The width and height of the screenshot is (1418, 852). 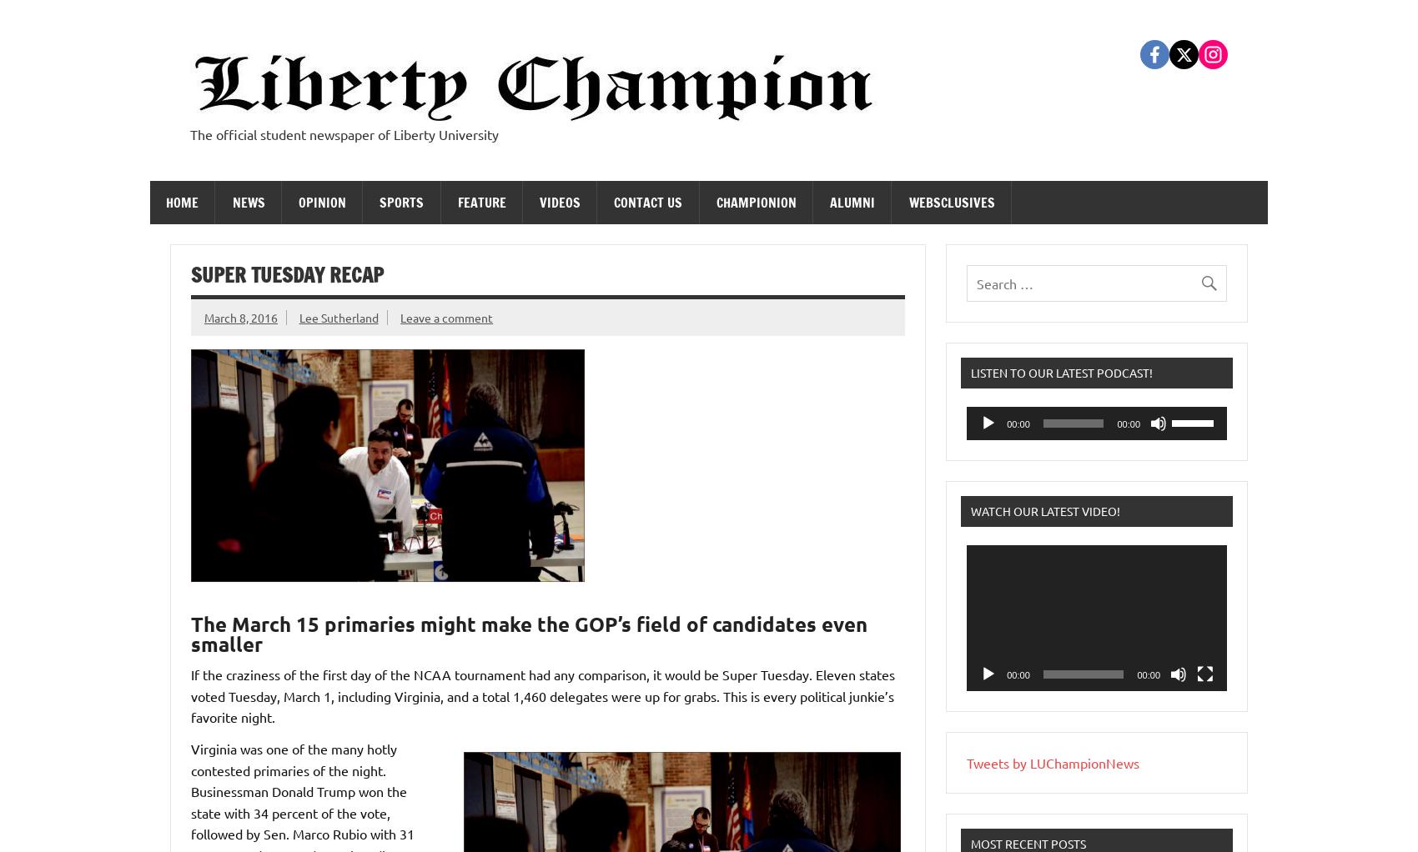 I want to click on 'Most Recent Posts', so click(x=969, y=843).